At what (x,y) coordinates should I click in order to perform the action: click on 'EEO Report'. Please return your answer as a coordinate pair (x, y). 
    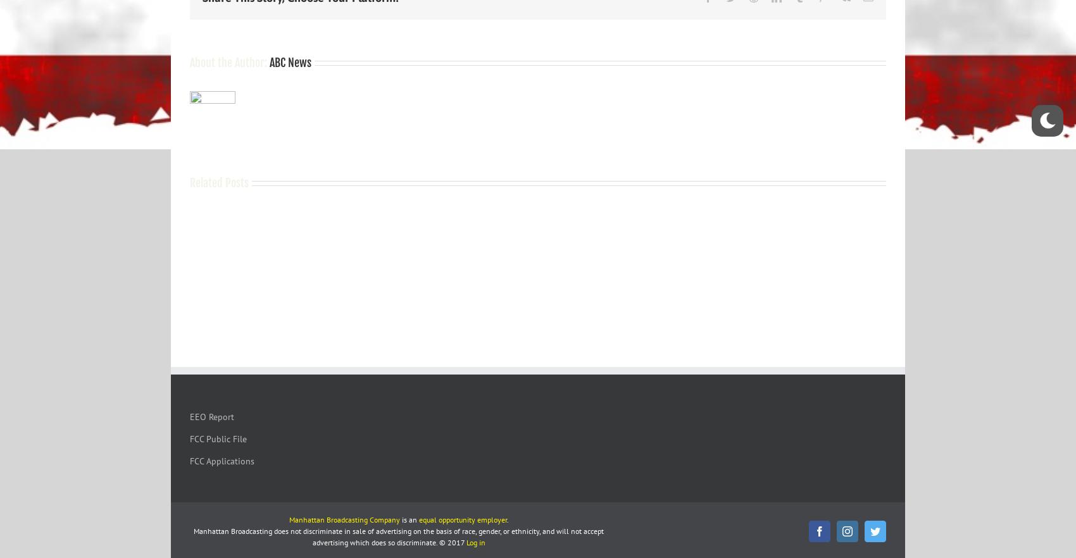
    Looking at the image, I should click on (211, 416).